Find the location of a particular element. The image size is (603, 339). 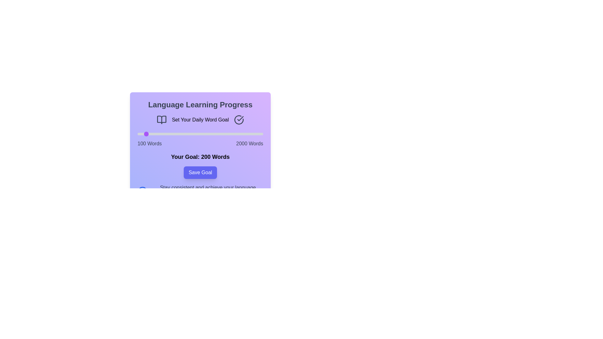

the slider to set the word count to 1621 is located at coordinates (238, 134).